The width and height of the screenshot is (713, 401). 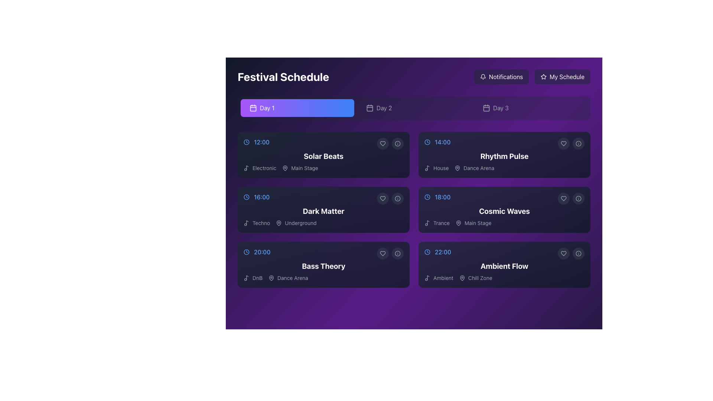 What do you see at coordinates (457, 168) in the screenshot?
I see `the map-pin icon located within the 'Rhythm Pulse' event card at '14:00', positioned to the left of the 'Dance Arena' text` at bounding box center [457, 168].